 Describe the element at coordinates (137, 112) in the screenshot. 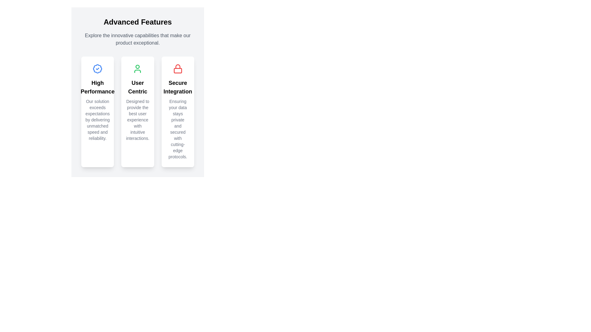

I see `the Information card that describes the 'User Centric' feature, located in the middle column between 'High Performance' and 'Secure Integration' cards` at that location.